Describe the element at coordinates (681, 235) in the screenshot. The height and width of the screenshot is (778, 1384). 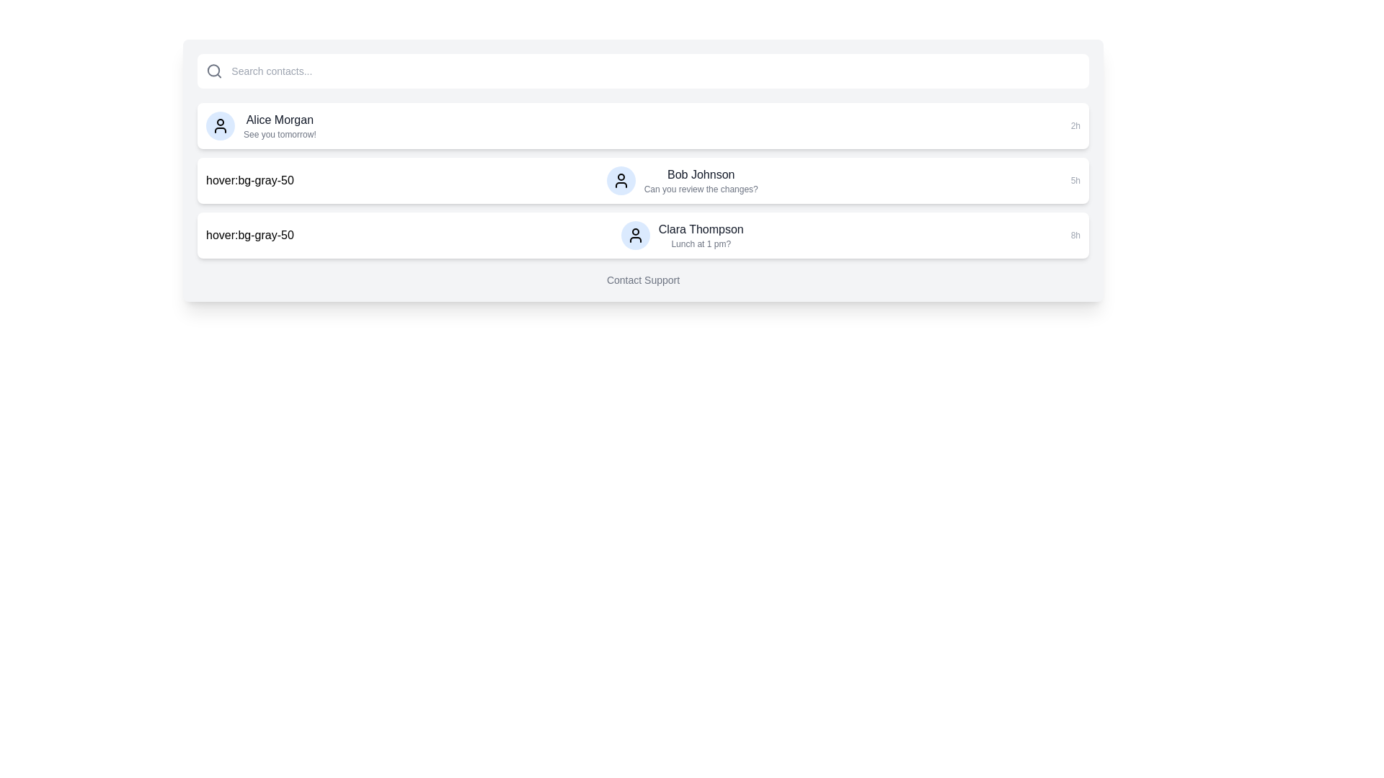
I see `the message preview for Clara Thompson, located in the third row of the itemized list` at that location.